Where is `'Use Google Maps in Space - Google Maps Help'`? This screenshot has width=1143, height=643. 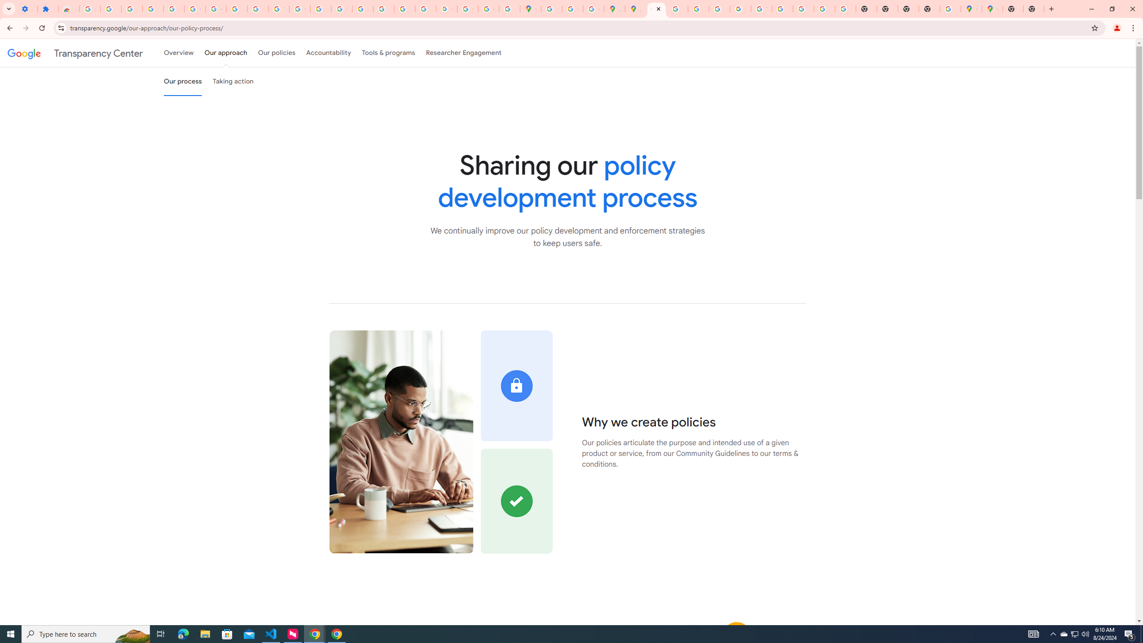
'Use Google Maps in Space - Google Maps Help' is located at coordinates (950, 8).